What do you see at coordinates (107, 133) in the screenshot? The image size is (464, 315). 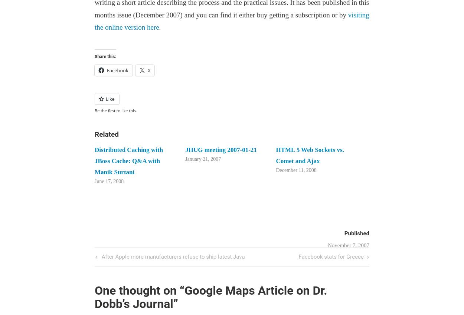 I see `'Related'` at bounding box center [107, 133].